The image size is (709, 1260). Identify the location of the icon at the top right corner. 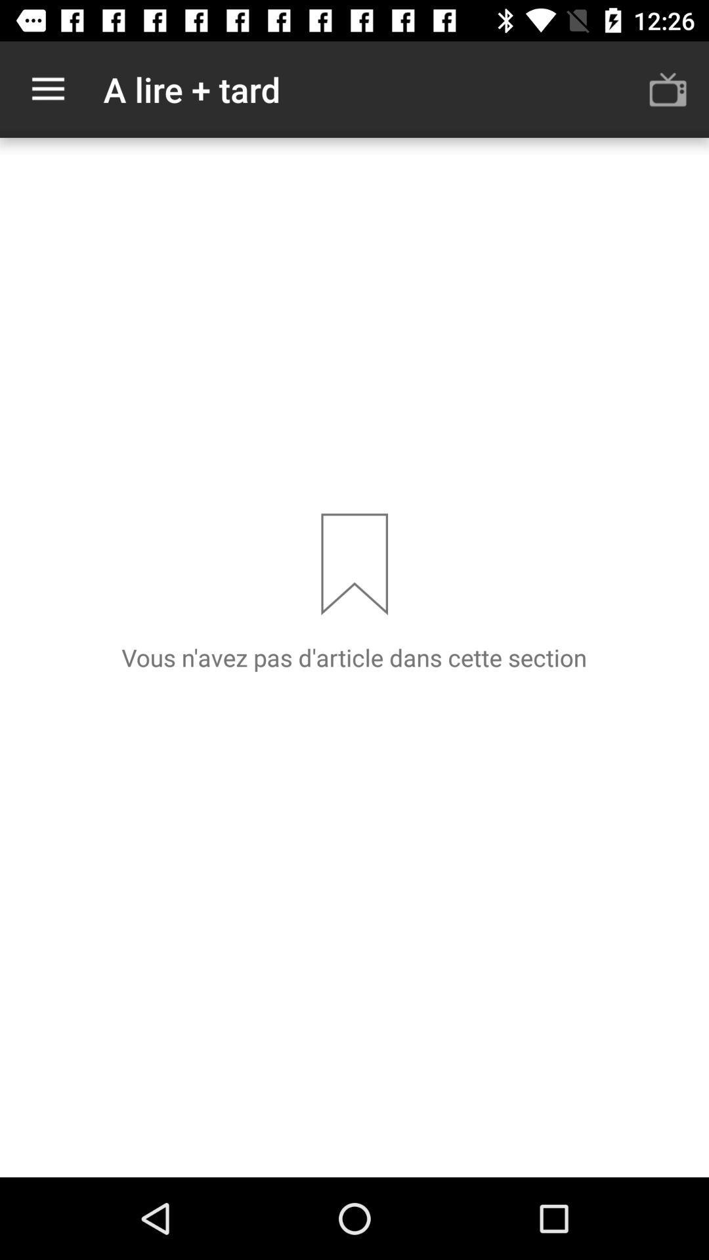
(668, 89).